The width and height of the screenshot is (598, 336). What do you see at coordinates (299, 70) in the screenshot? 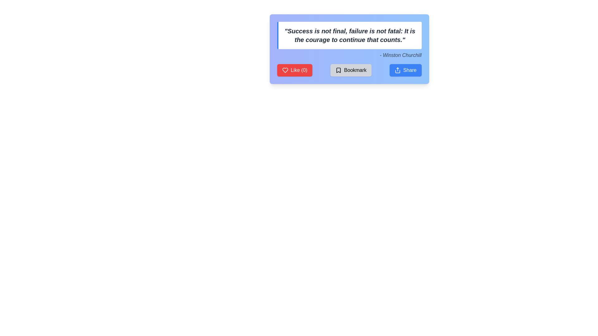
I see `the text label indicating the total count of likes (currently 0)` at bounding box center [299, 70].